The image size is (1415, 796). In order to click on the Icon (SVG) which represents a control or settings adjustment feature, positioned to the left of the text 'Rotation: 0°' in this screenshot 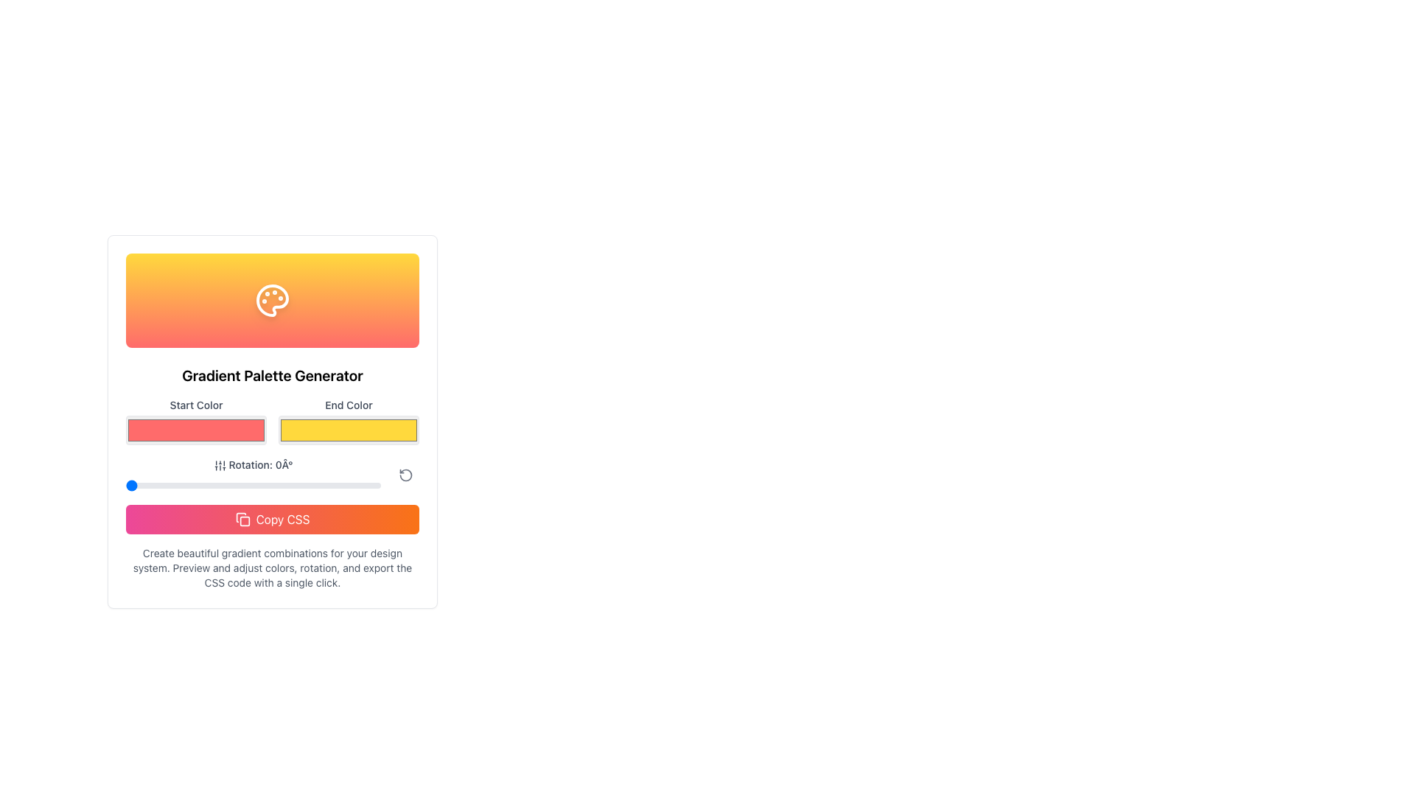, I will do `click(219, 466)`.